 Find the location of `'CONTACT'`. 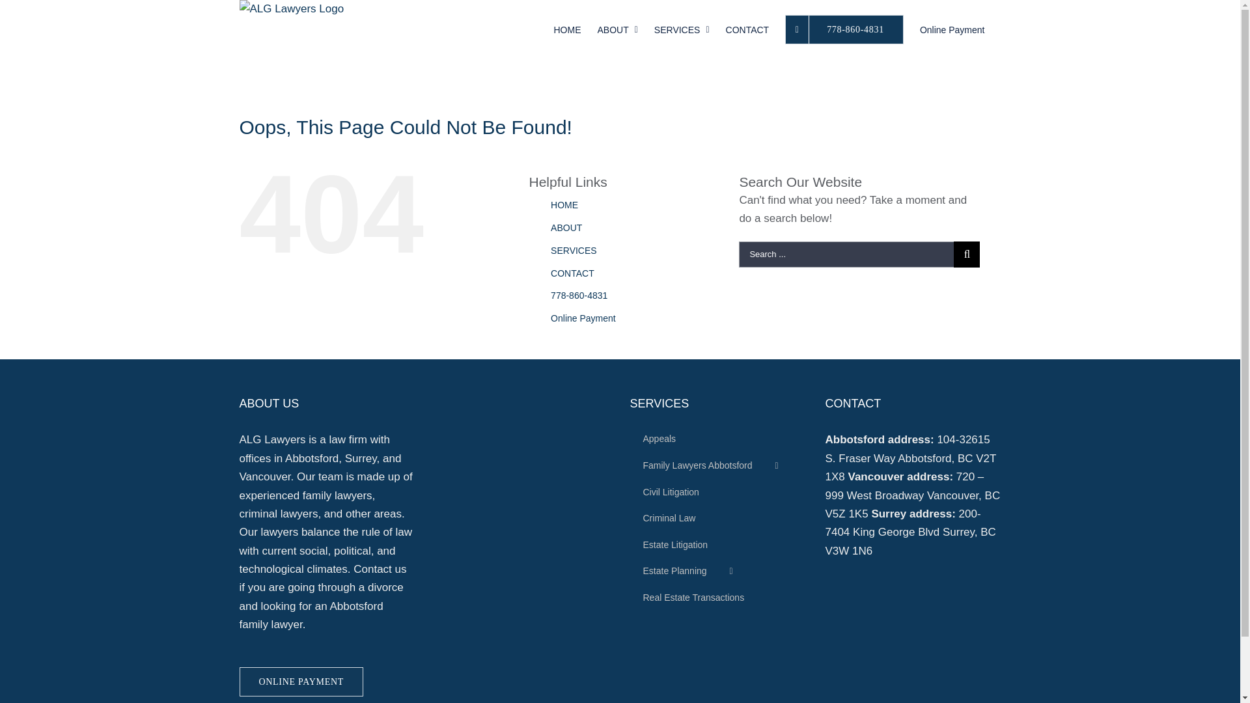

'CONTACT' is located at coordinates (572, 273).